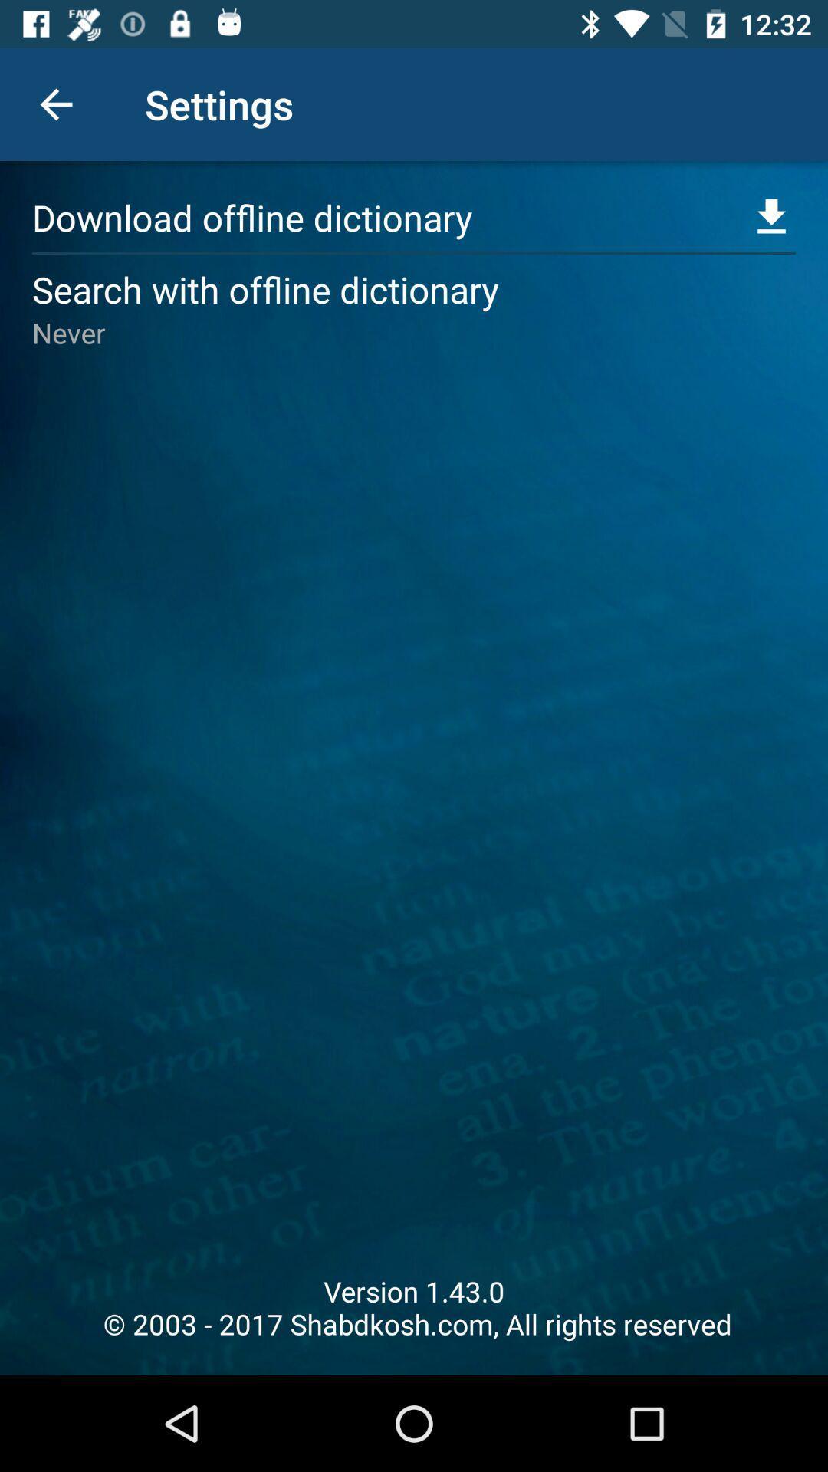 The width and height of the screenshot is (828, 1472). What do you see at coordinates (771, 216) in the screenshot?
I see `the file_download icon` at bounding box center [771, 216].